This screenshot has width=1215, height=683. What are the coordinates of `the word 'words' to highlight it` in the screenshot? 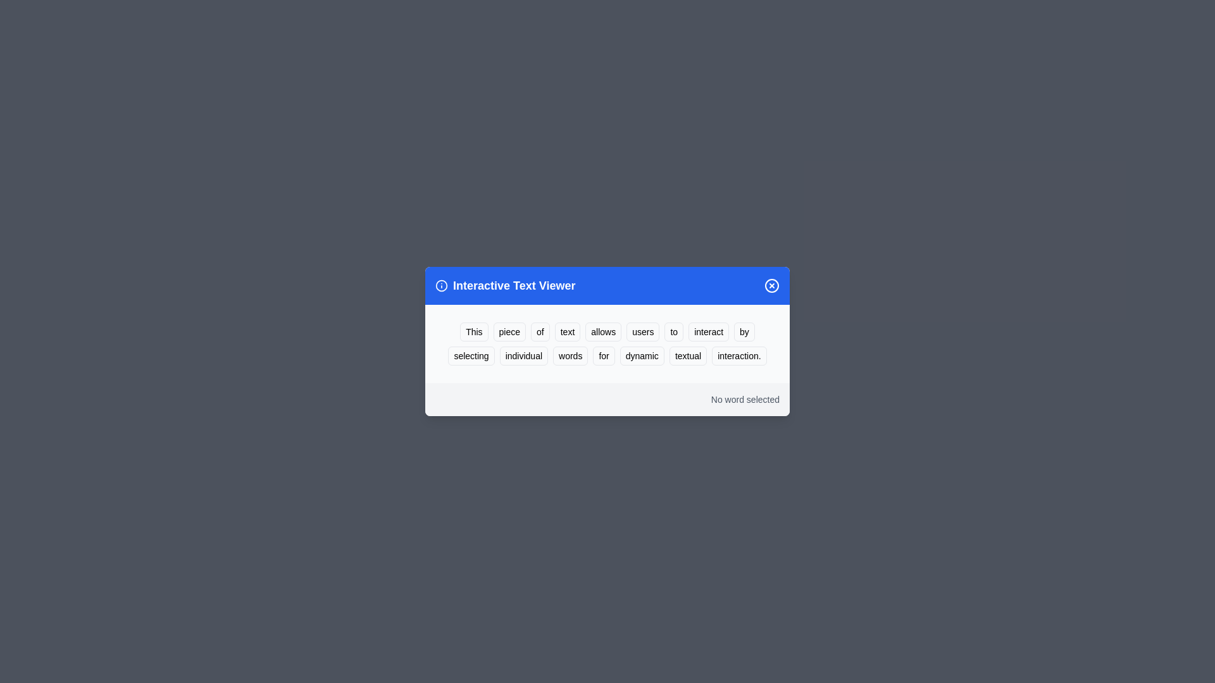 It's located at (570, 356).